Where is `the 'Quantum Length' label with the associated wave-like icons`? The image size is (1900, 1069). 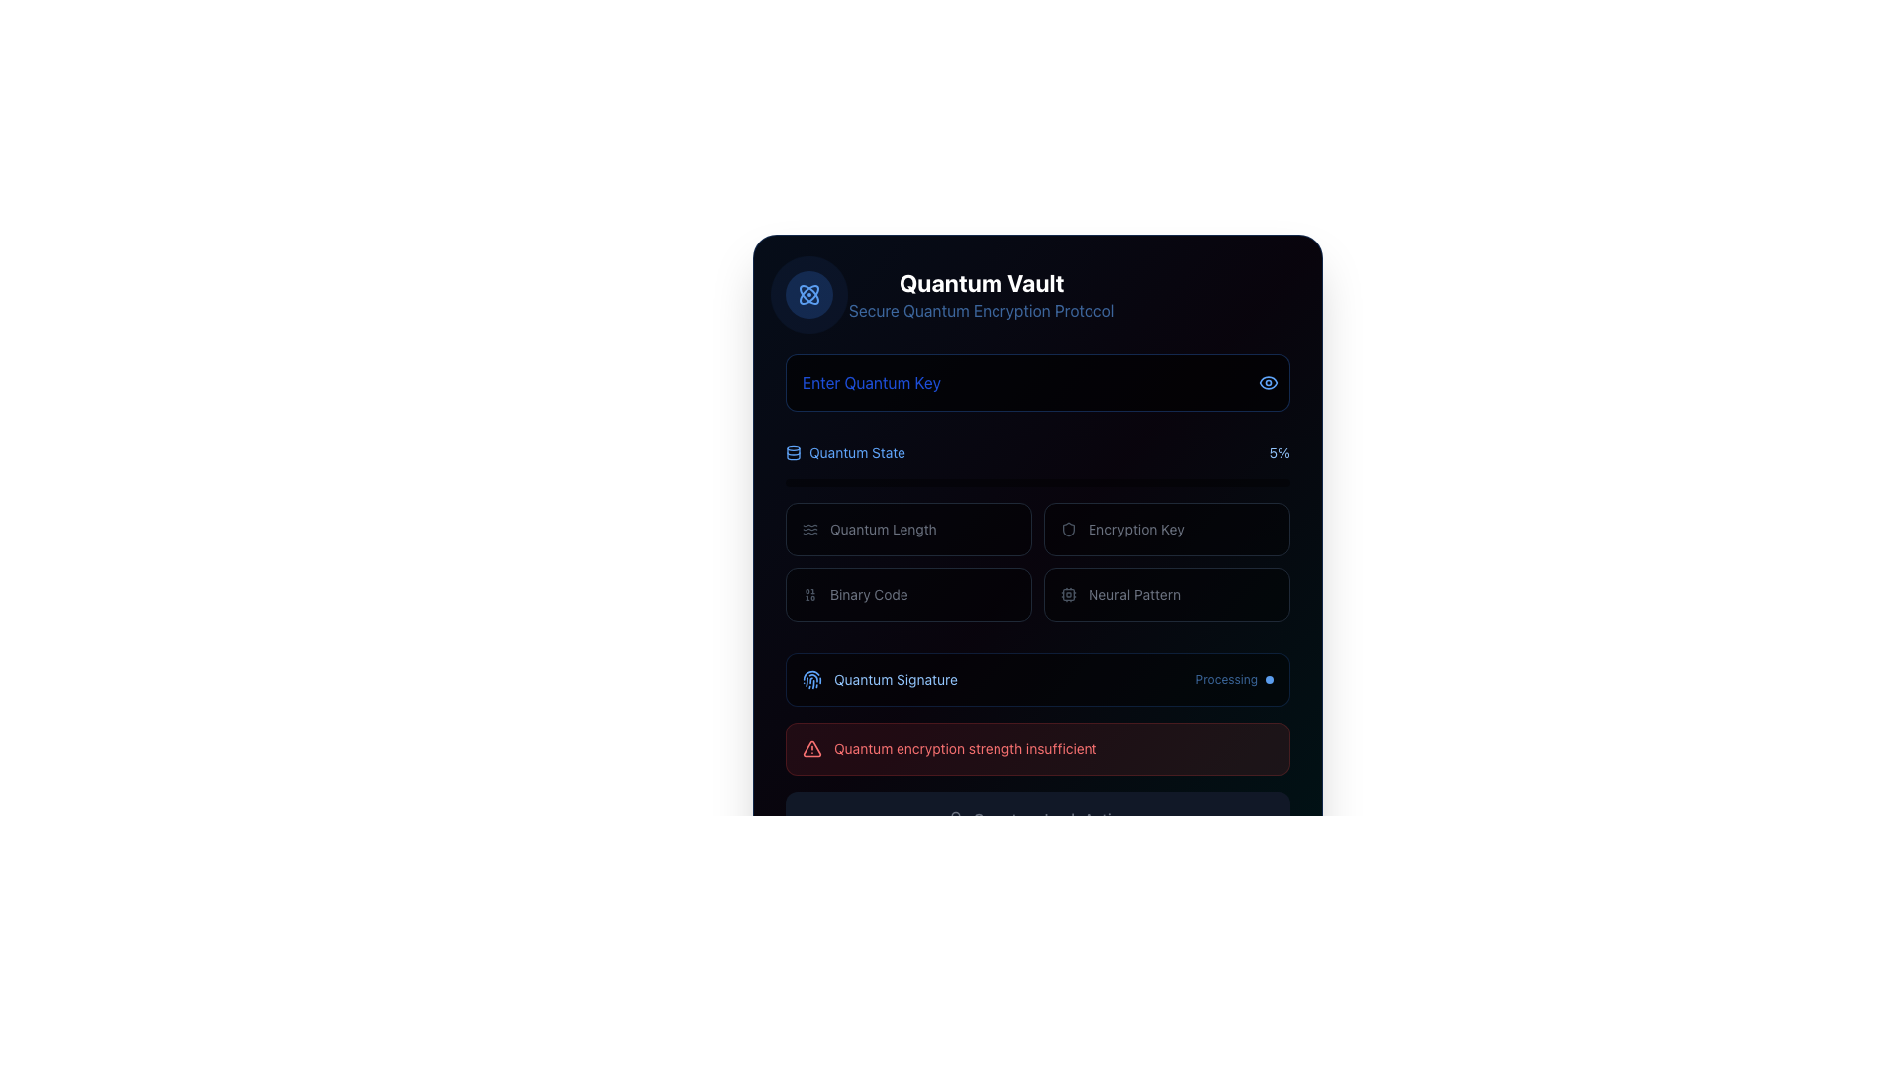 the 'Quantum Length' label with the associated wave-like icons is located at coordinates (907, 529).